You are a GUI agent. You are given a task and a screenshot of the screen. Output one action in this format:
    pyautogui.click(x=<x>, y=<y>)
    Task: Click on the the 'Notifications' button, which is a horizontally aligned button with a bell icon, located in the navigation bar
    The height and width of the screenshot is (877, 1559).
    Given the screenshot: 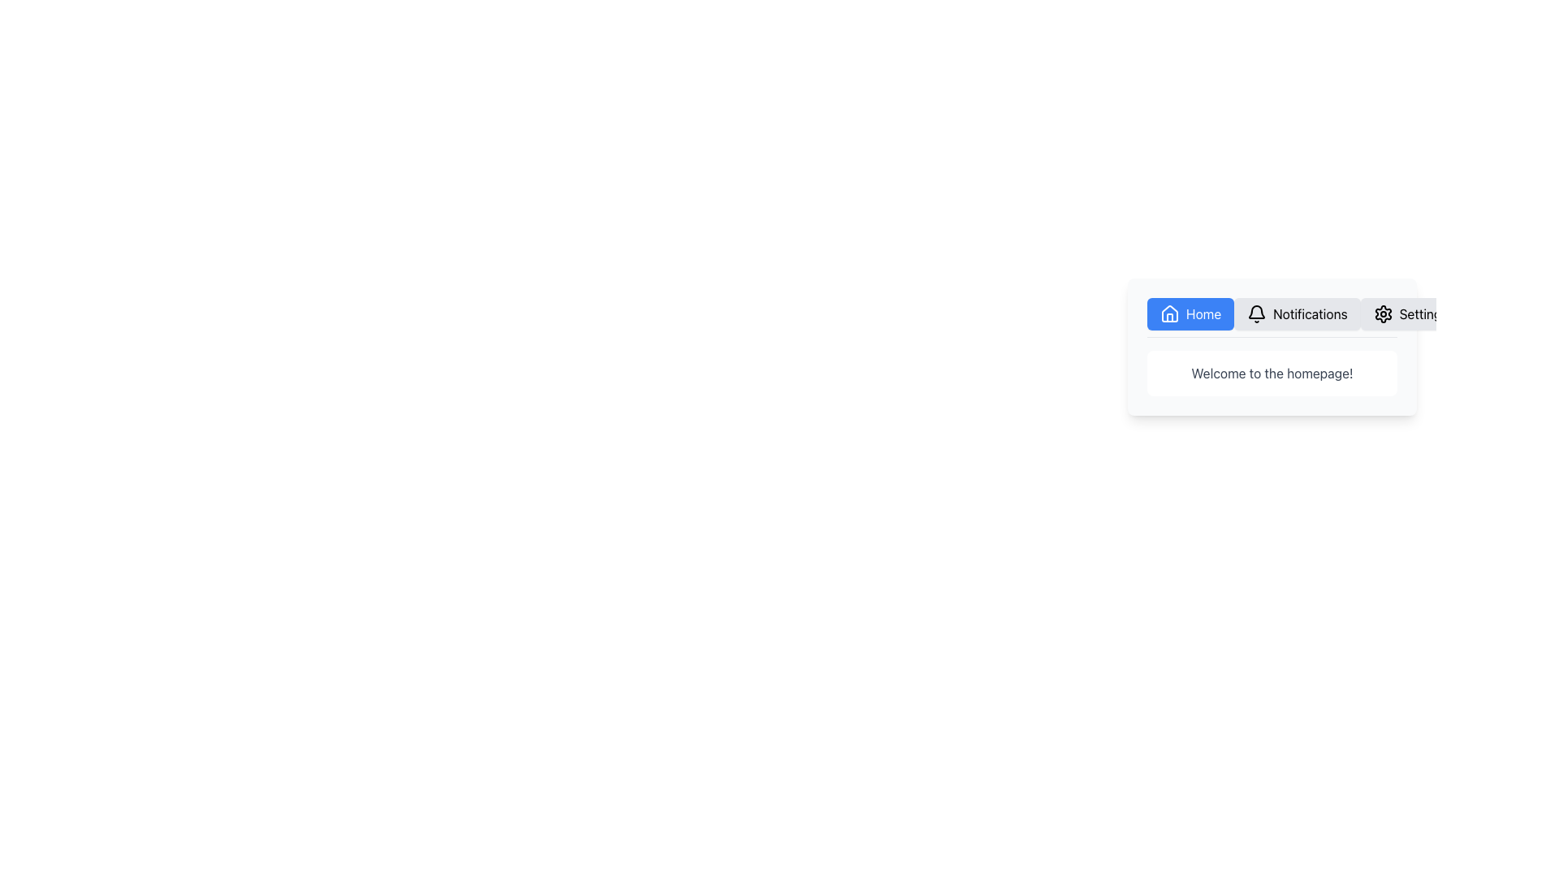 What is the action you would take?
    pyautogui.click(x=1296, y=313)
    